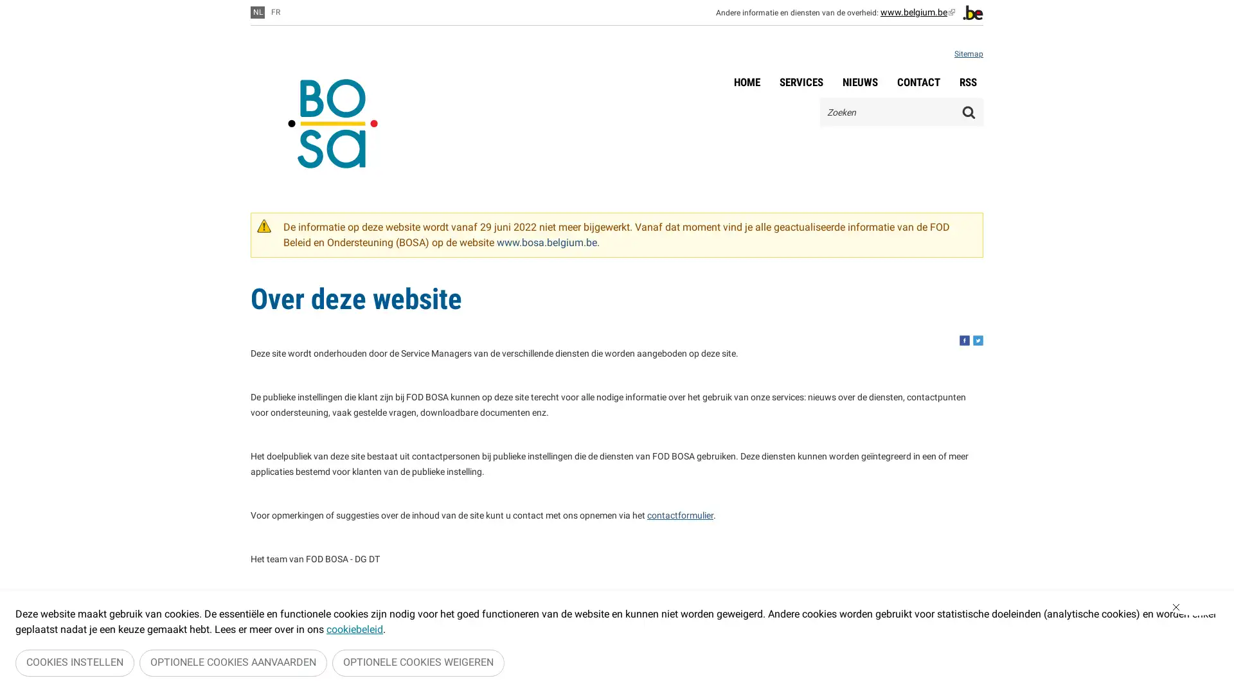  I want to click on OPTIONELE COOKIES AANVAARDEN, so click(233, 664).